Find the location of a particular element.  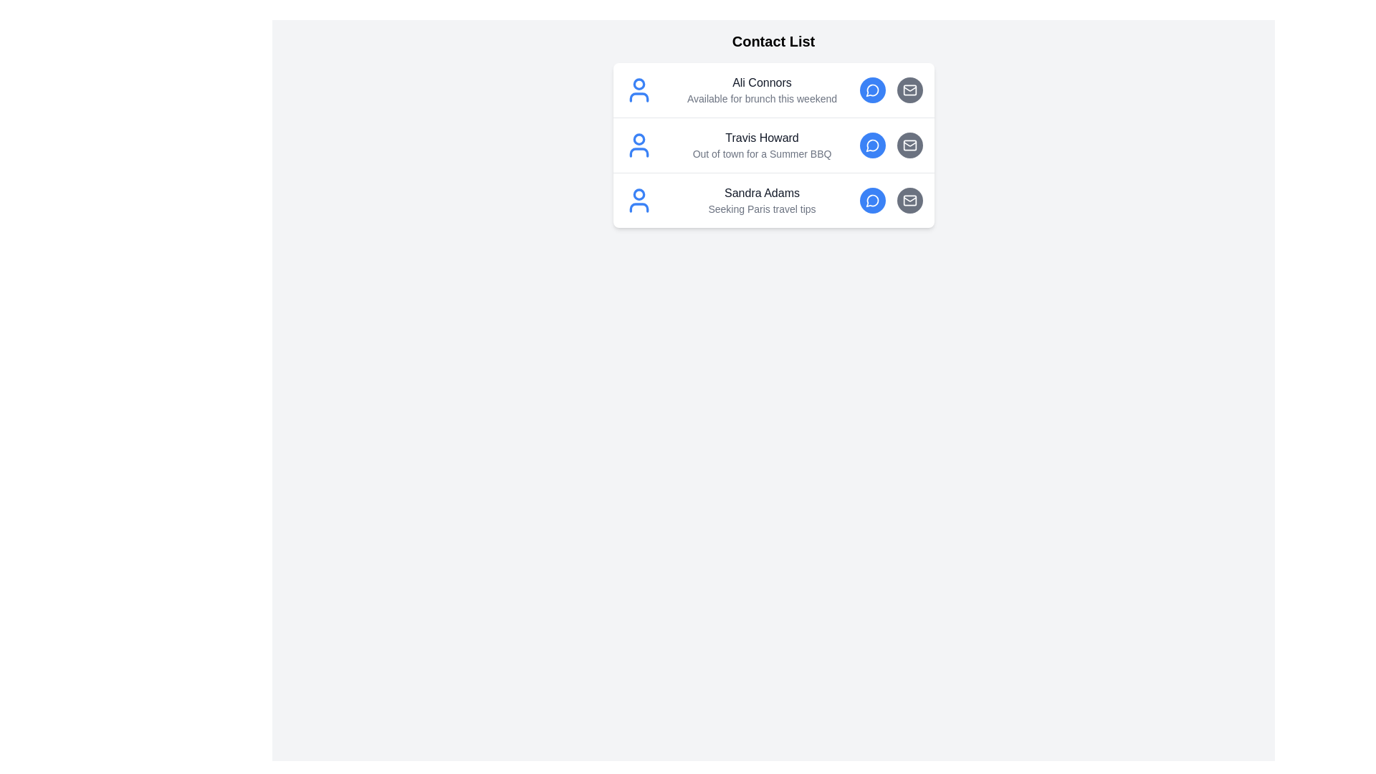

the blue user silhouette icon located to the left of the 'Sandra Adams' text in the contact card is located at coordinates (638, 201).